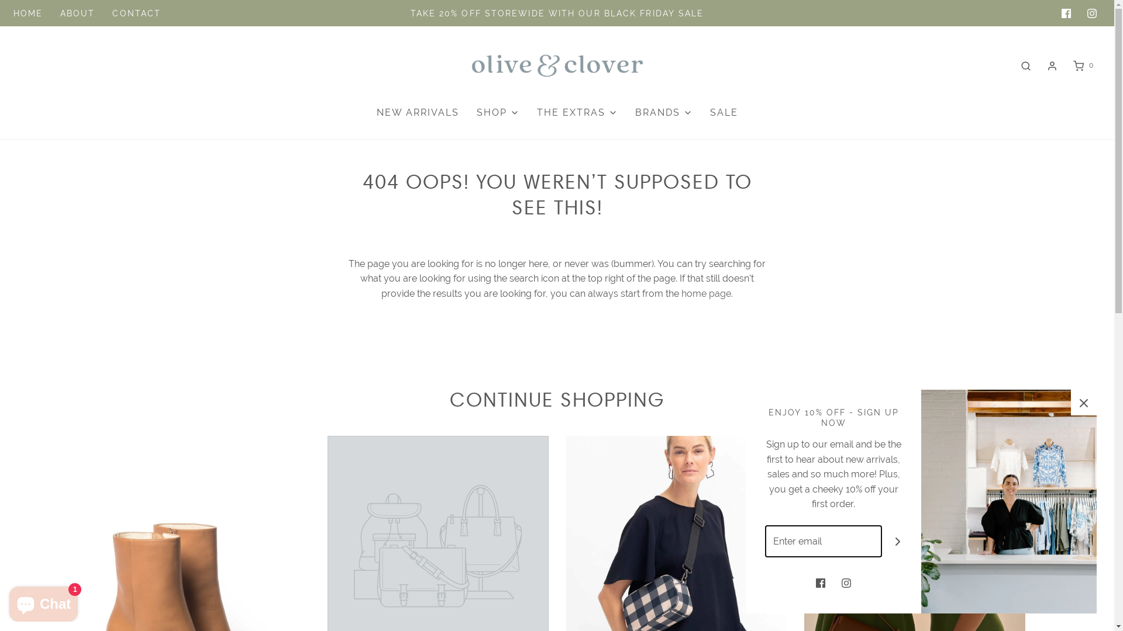 The image size is (1123, 631). I want to click on 'Search', so click(1025, 65).